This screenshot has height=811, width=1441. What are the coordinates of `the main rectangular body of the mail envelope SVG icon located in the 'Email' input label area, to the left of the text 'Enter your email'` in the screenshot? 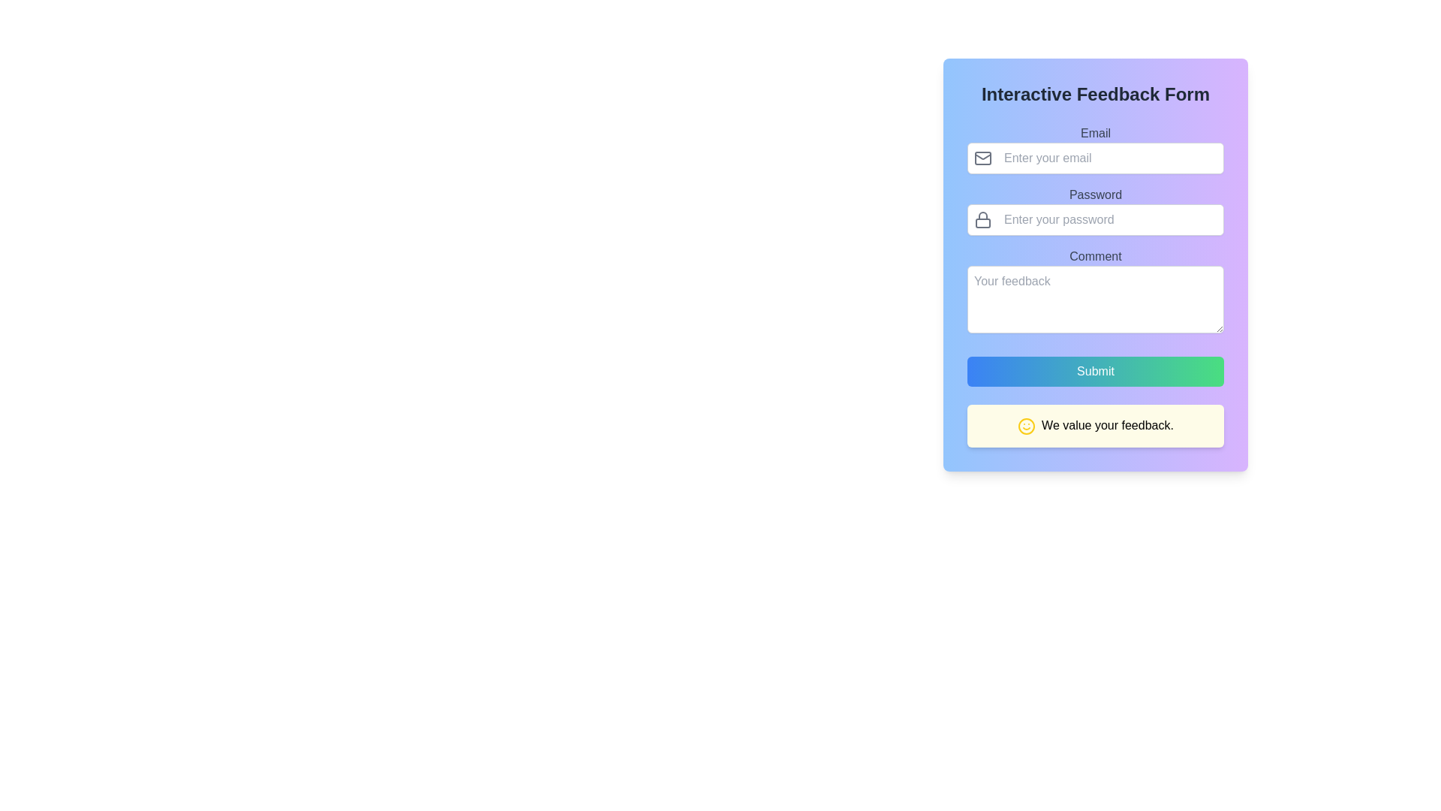 It's located at (983, 158).